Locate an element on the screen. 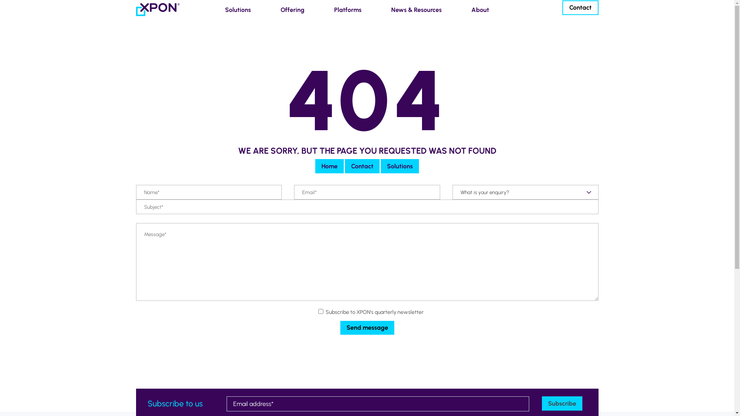  'xpon-logo' is located at coordinates (157, 9).